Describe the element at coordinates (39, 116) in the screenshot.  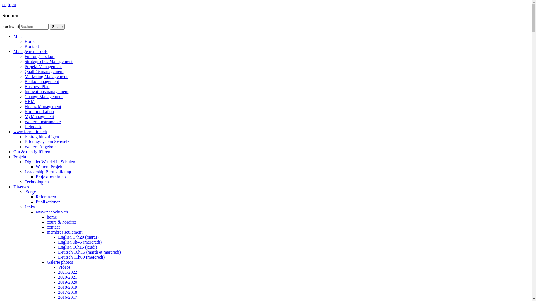
I see `'MyManagement'` at that location.